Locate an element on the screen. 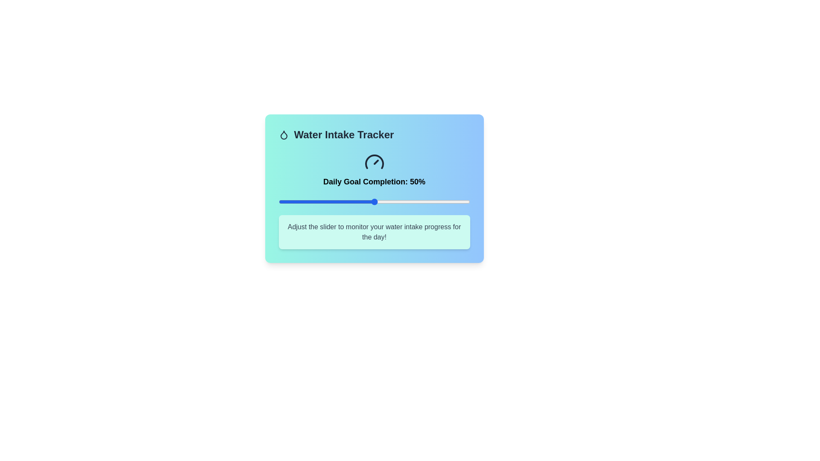 The width and height of the screenshot is (820, 461). the water intake tracker slider to 90% is located at coordinates (450, 202).